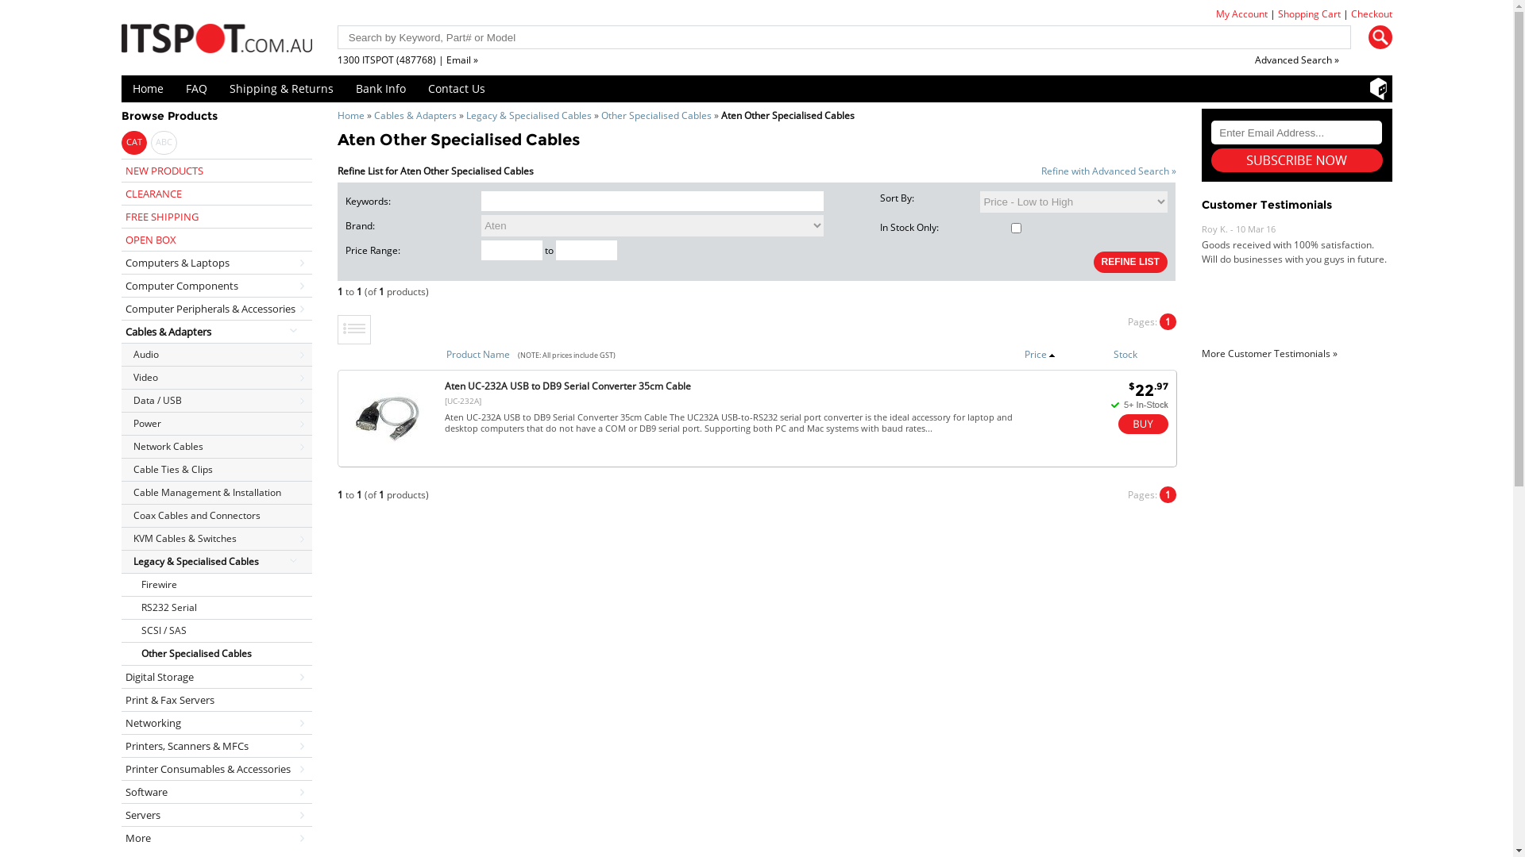 This screenshot has height=857, width=1525. Describe the element at coordinates (215, 170) in the screenshot. I see `'NEW PRODUCTS'` at that location.